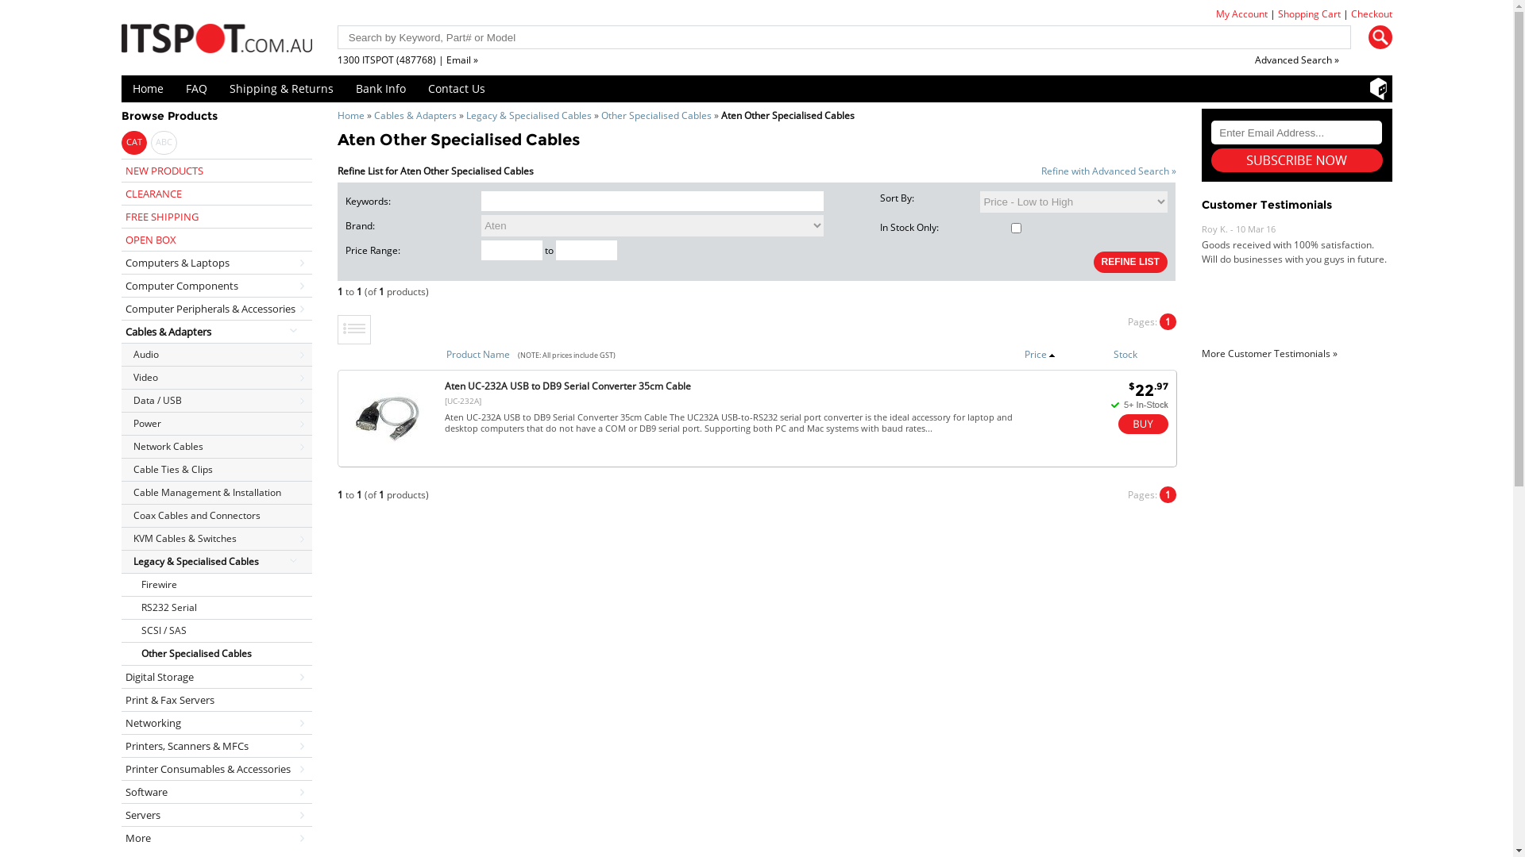 This screenshot has height=857, width=1525. Describe the element at coordinates (215, 170) in the screenshot. I see `'NEW PRODUCTS'` at that location.